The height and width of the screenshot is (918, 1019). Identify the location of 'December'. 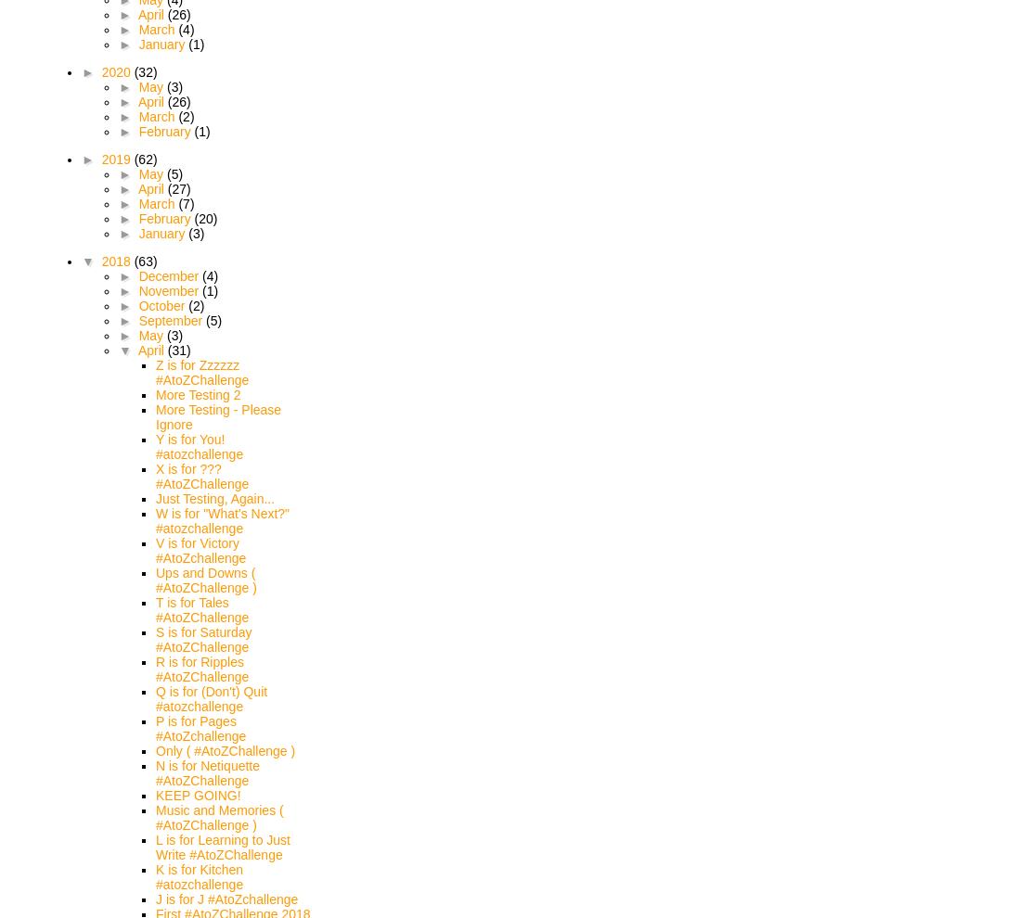
(170, 275).